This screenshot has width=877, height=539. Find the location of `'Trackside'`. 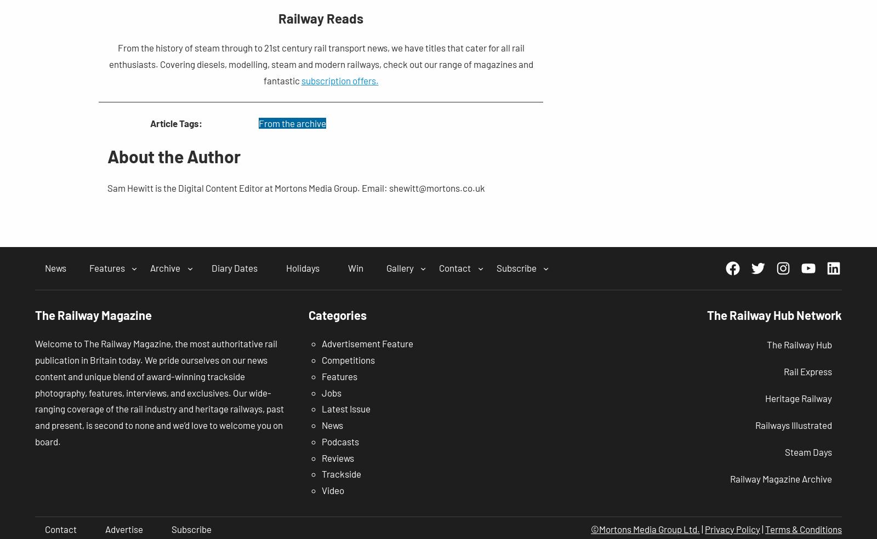

'Trackside' is located at coordinates (321, 474).